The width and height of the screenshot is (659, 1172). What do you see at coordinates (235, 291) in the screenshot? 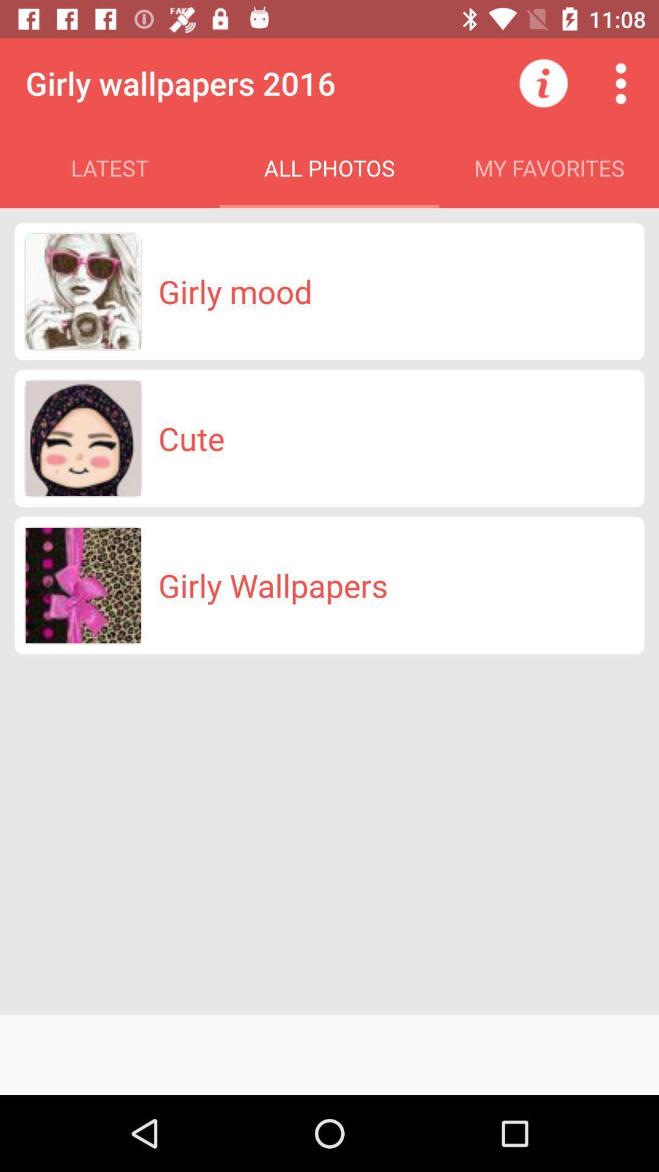
I see `girly mood icon` at bounding box center [235, 291].